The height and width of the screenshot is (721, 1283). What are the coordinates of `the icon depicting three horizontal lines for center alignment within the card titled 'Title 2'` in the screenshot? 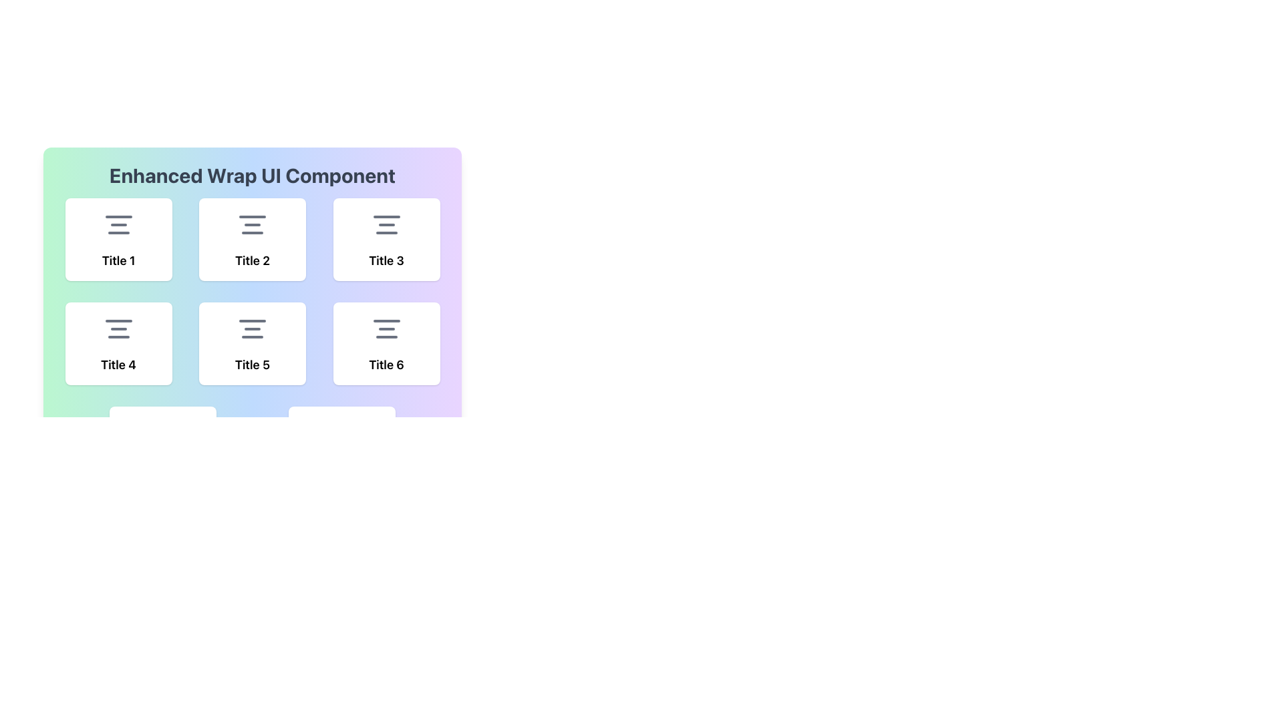 It's located at (253, 224).